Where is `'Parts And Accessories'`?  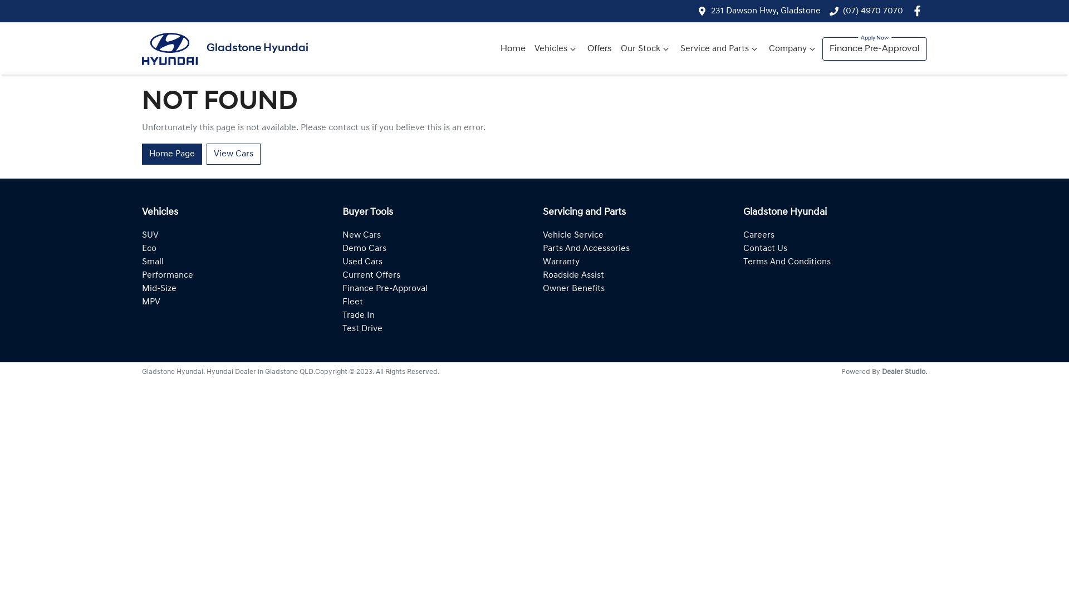 'Parts And Accessories' is located at coordinates (585, 248).